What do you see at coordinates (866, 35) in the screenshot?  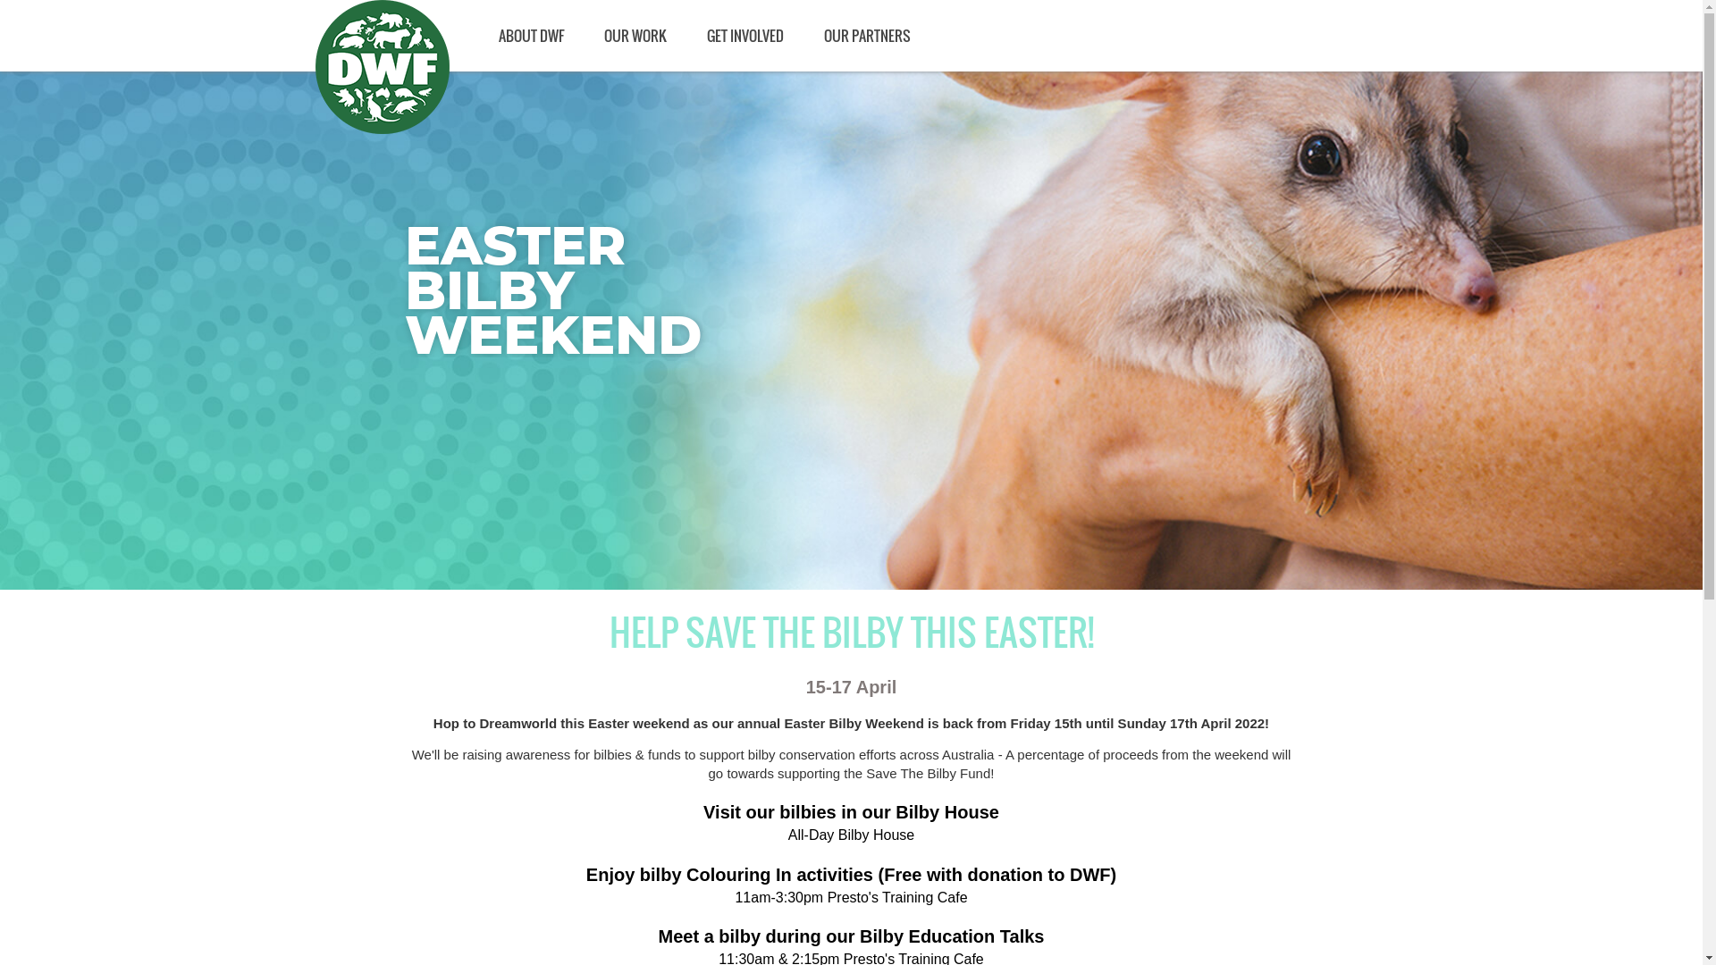 I see `'OUR PARTNERS'` at bounding box center [866, 35].